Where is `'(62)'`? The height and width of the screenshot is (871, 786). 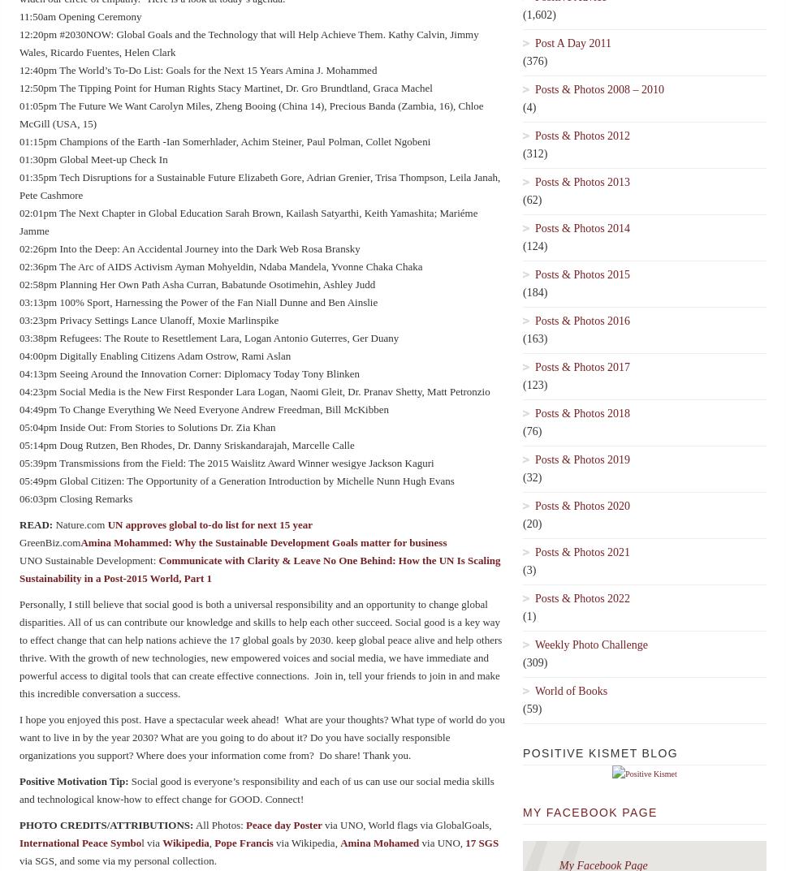
'(62)' is located at coordinates (532, 199).